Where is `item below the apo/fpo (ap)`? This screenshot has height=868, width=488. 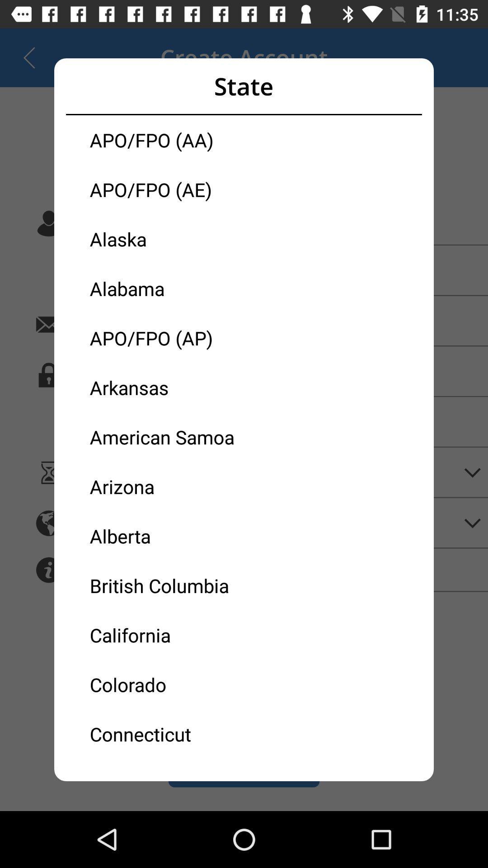
item below the apo/fpo (ap) is located at coordinates (167, 387).